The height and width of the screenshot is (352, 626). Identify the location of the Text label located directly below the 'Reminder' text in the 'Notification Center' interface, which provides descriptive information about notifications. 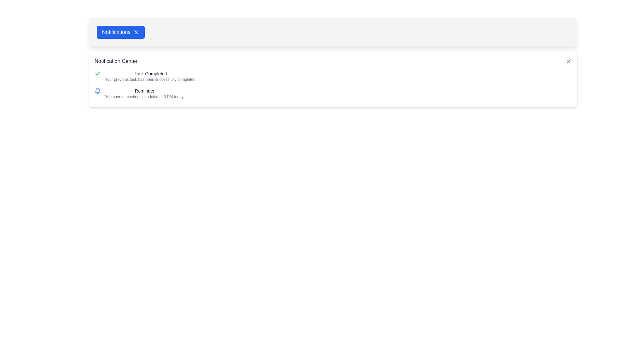
(144, 97).